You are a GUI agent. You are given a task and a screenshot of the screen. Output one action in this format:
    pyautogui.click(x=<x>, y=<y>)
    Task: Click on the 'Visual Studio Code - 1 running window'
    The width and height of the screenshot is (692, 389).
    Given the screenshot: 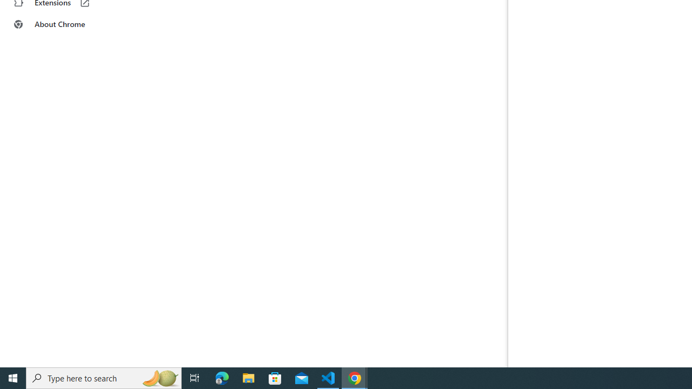 What is the action you would take?
    pyautogui.click(x=328, y=377)
    